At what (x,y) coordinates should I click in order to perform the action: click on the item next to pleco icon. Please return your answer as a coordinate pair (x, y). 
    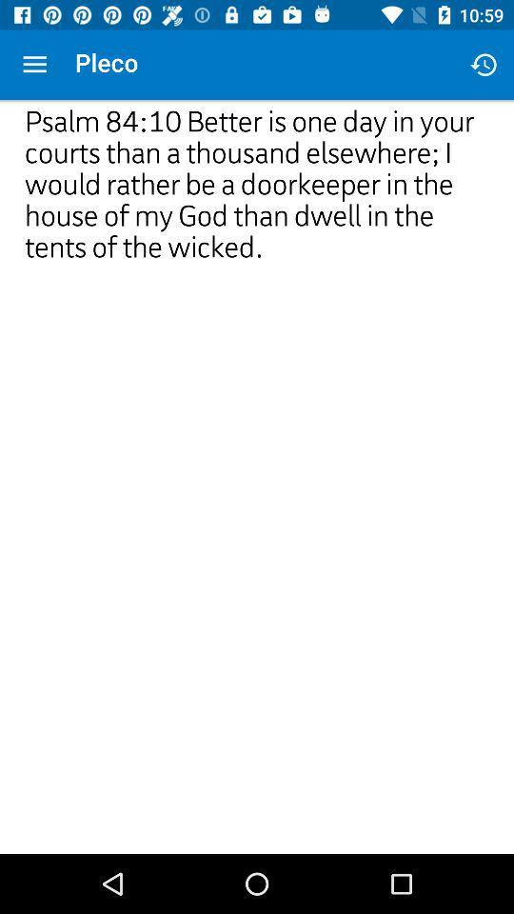
    Looking at the image, I should click on (484, 65).